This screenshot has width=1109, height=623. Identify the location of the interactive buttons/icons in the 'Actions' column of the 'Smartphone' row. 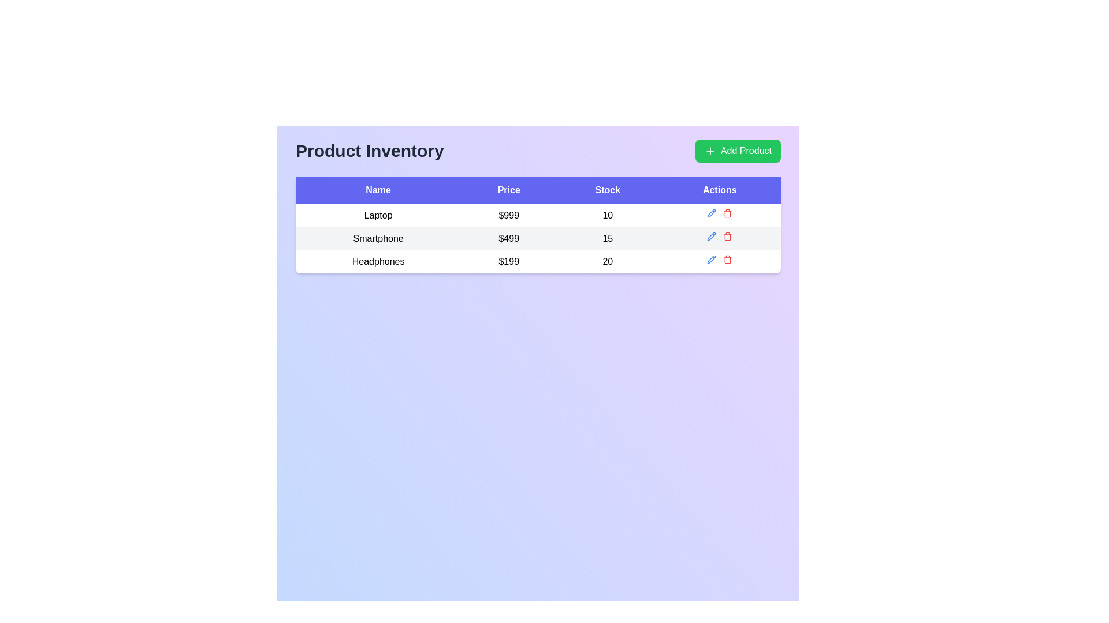
(719, 235).